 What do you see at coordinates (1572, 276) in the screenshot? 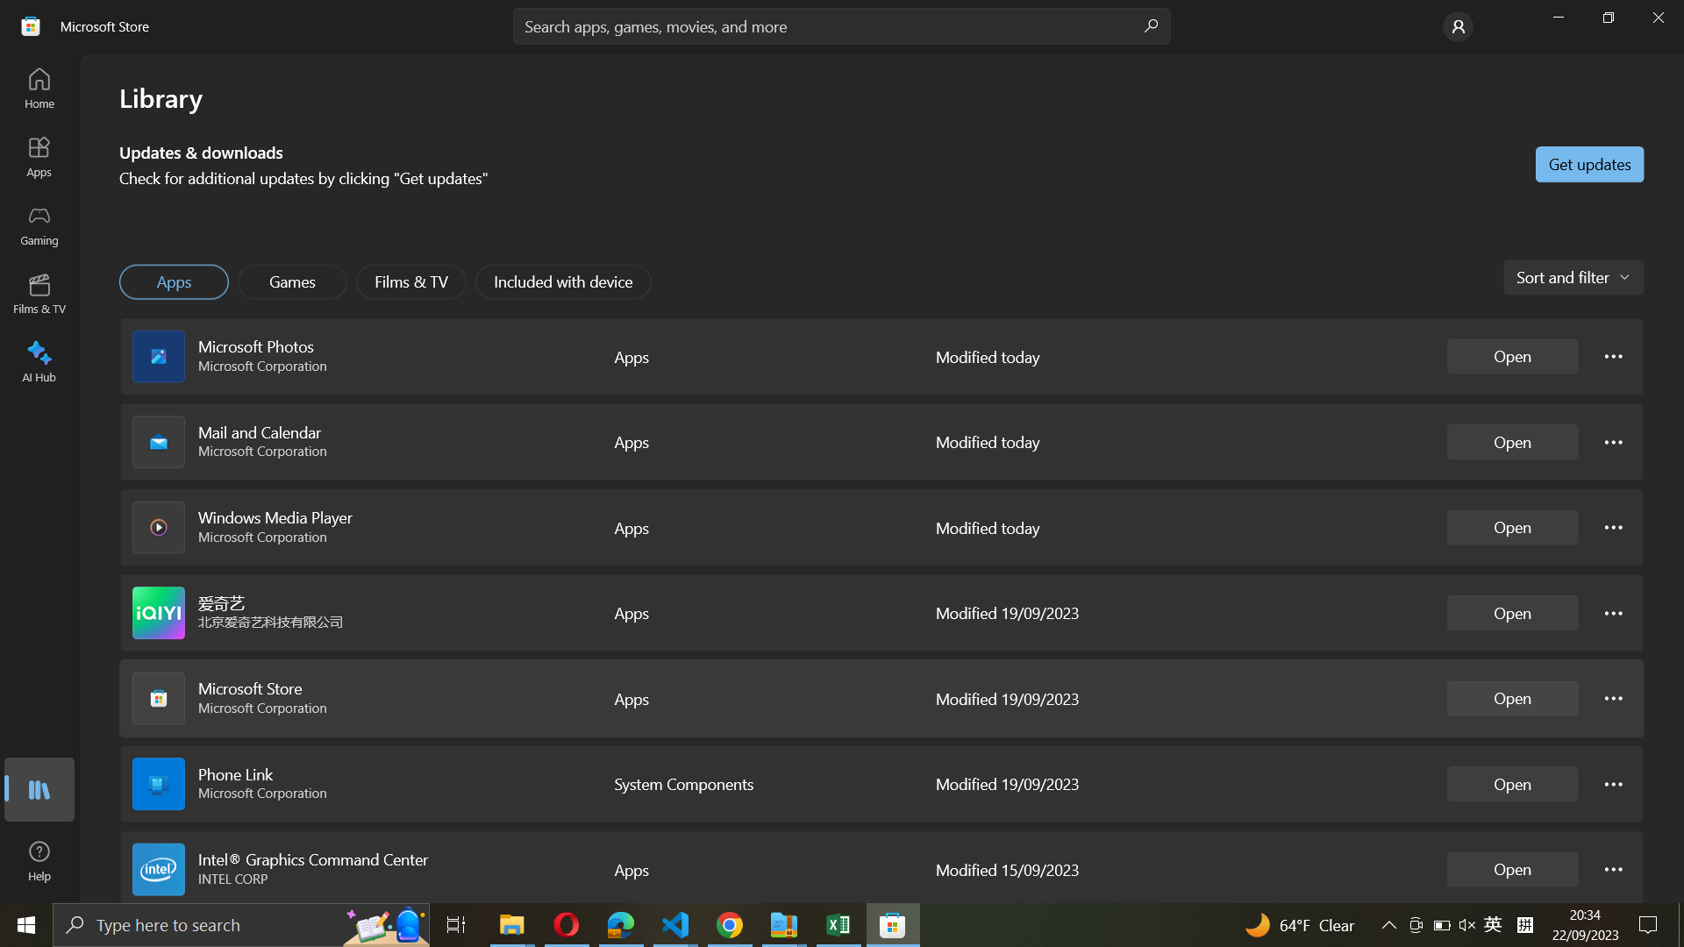
I see `the application sorting feature` at bounding box center [1572, 276].